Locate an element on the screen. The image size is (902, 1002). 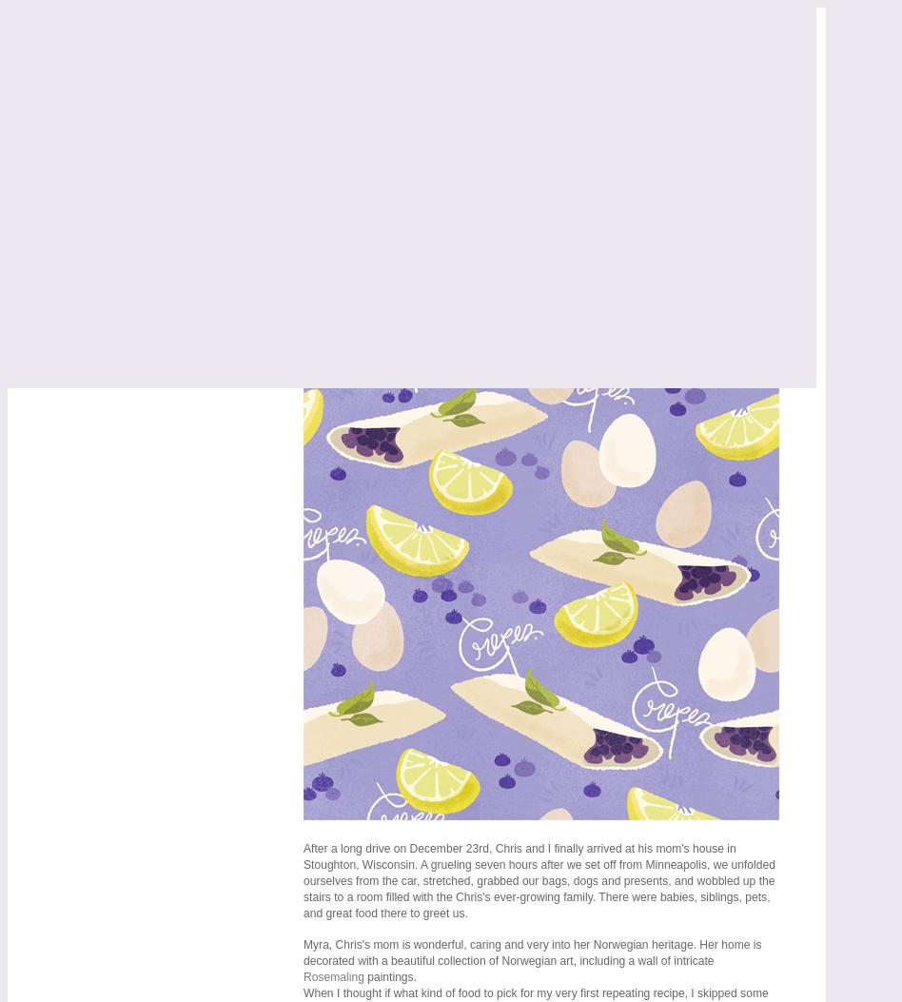
'Home' is located at coordinates (68, 179).